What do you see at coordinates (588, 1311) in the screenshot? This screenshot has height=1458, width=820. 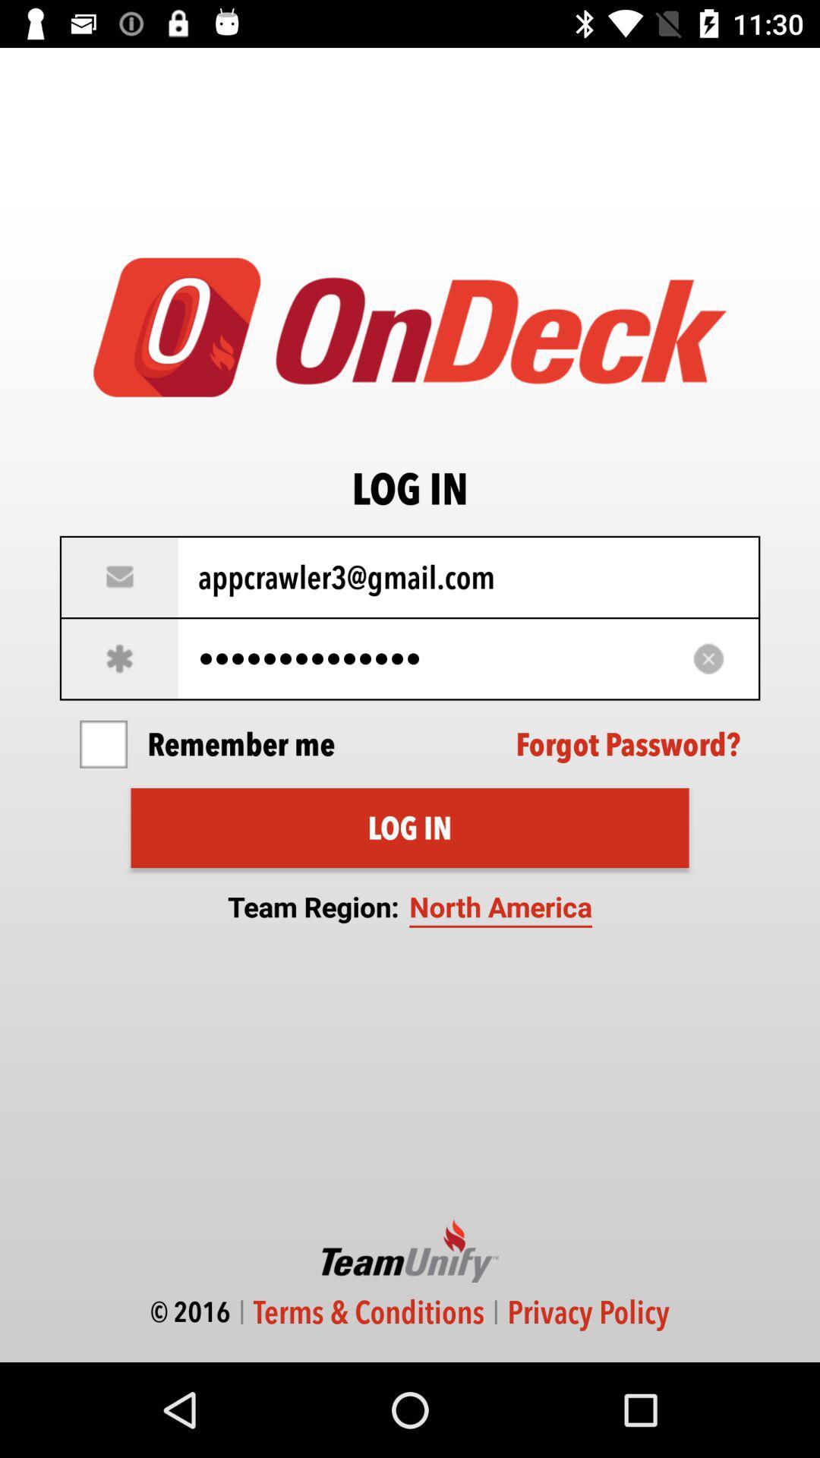 I see `icon at the bottom right corner` at bounding box center [588, 1311].